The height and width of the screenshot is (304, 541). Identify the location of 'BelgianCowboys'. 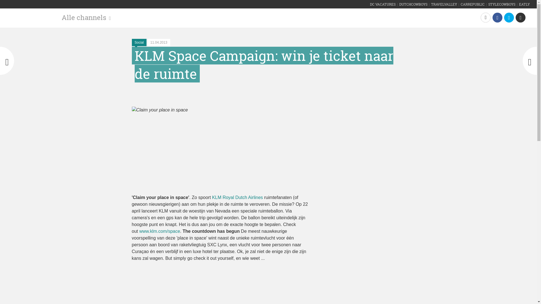
(28, 14).